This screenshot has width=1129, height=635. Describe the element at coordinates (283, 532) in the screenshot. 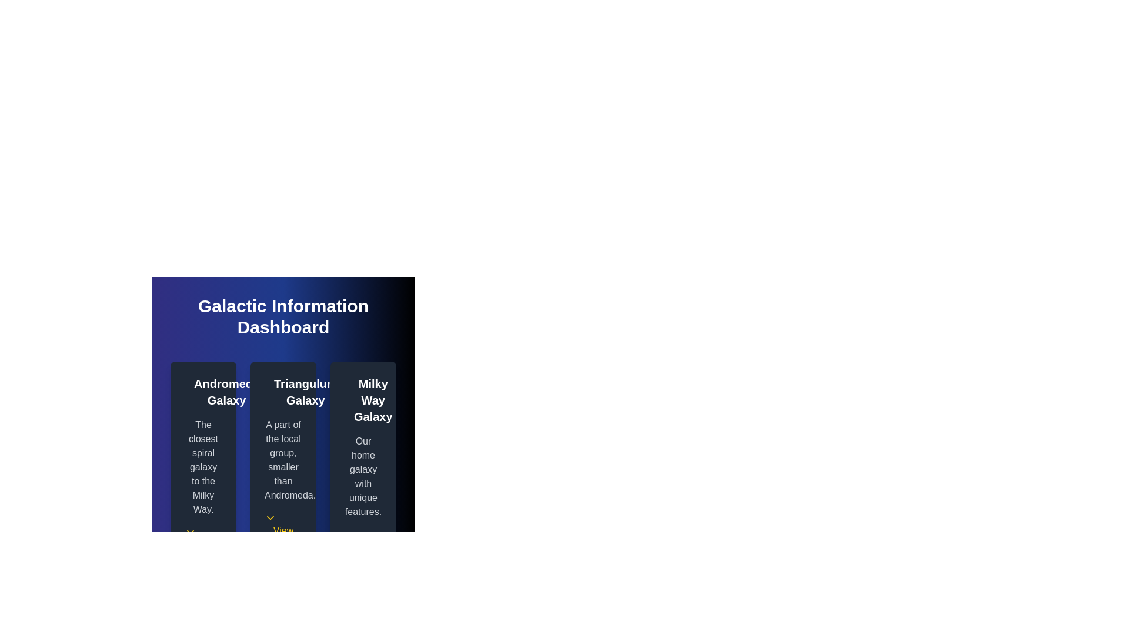

I see `the button at the bottom center of the 'Triangulum Galaxy' card` at that location.